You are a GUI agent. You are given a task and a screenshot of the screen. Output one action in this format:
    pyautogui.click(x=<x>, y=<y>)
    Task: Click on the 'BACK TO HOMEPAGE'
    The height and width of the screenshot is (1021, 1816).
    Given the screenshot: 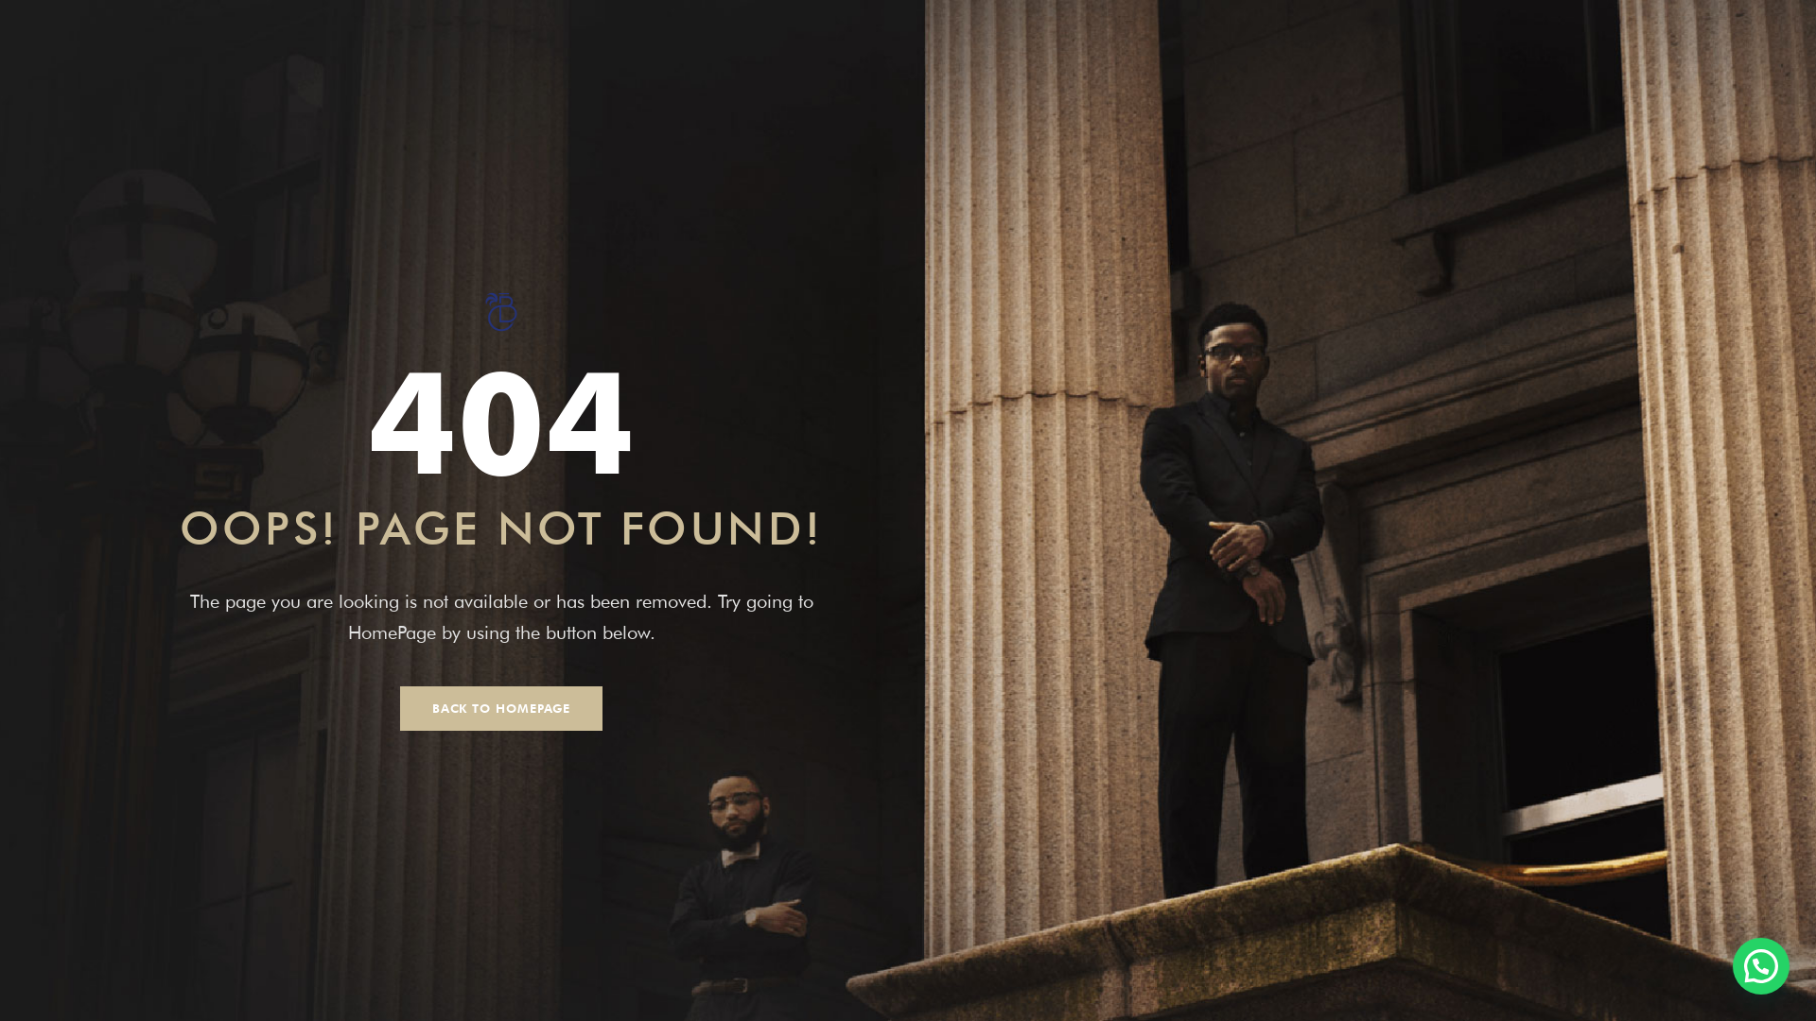 What is the action you would take?
    pyautogui.click(x=501, y=708)
    